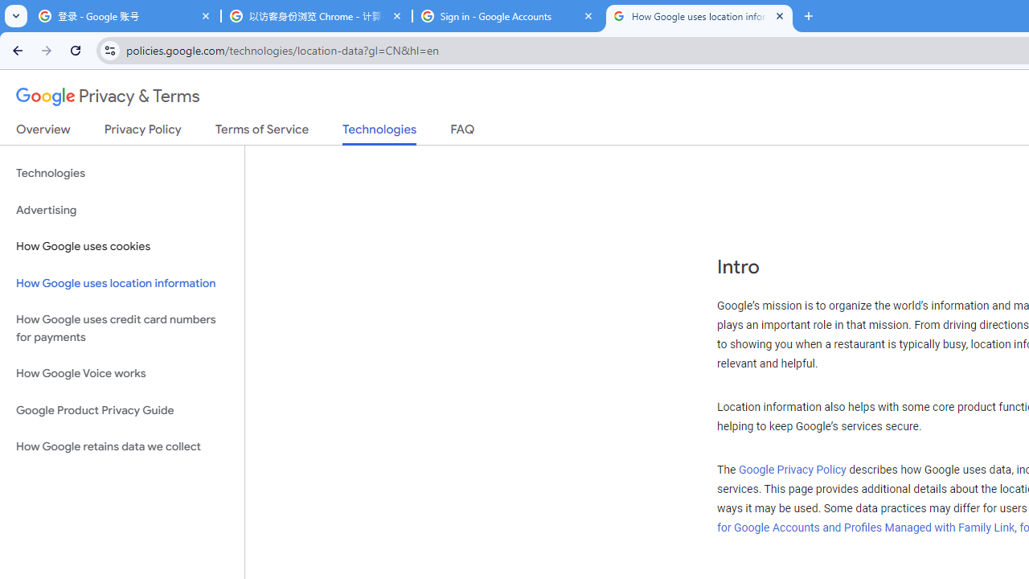  Describe the element at coordinates (507, 16) in the screenshot. I see `'Sign in - Google Accounts'` at that location.